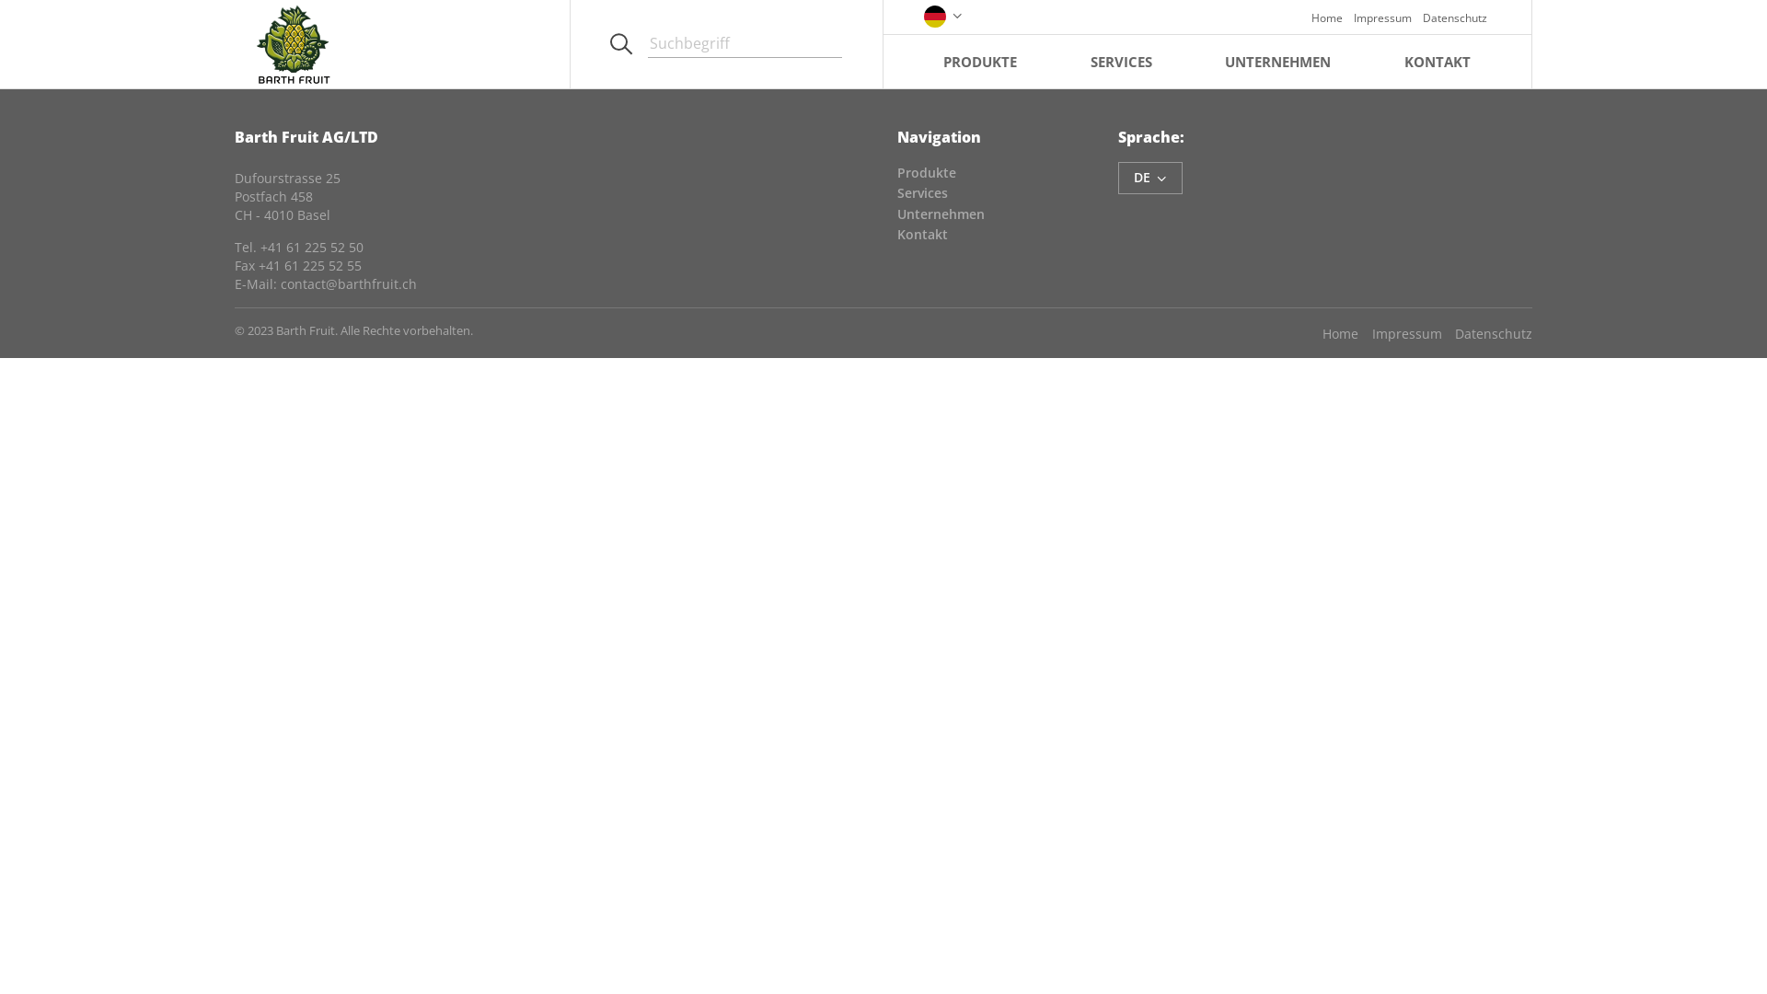  What do you see at coordinates (922, 233) in the screenshot?
I see `'Kontakt'` at bounding box center [922, 233].